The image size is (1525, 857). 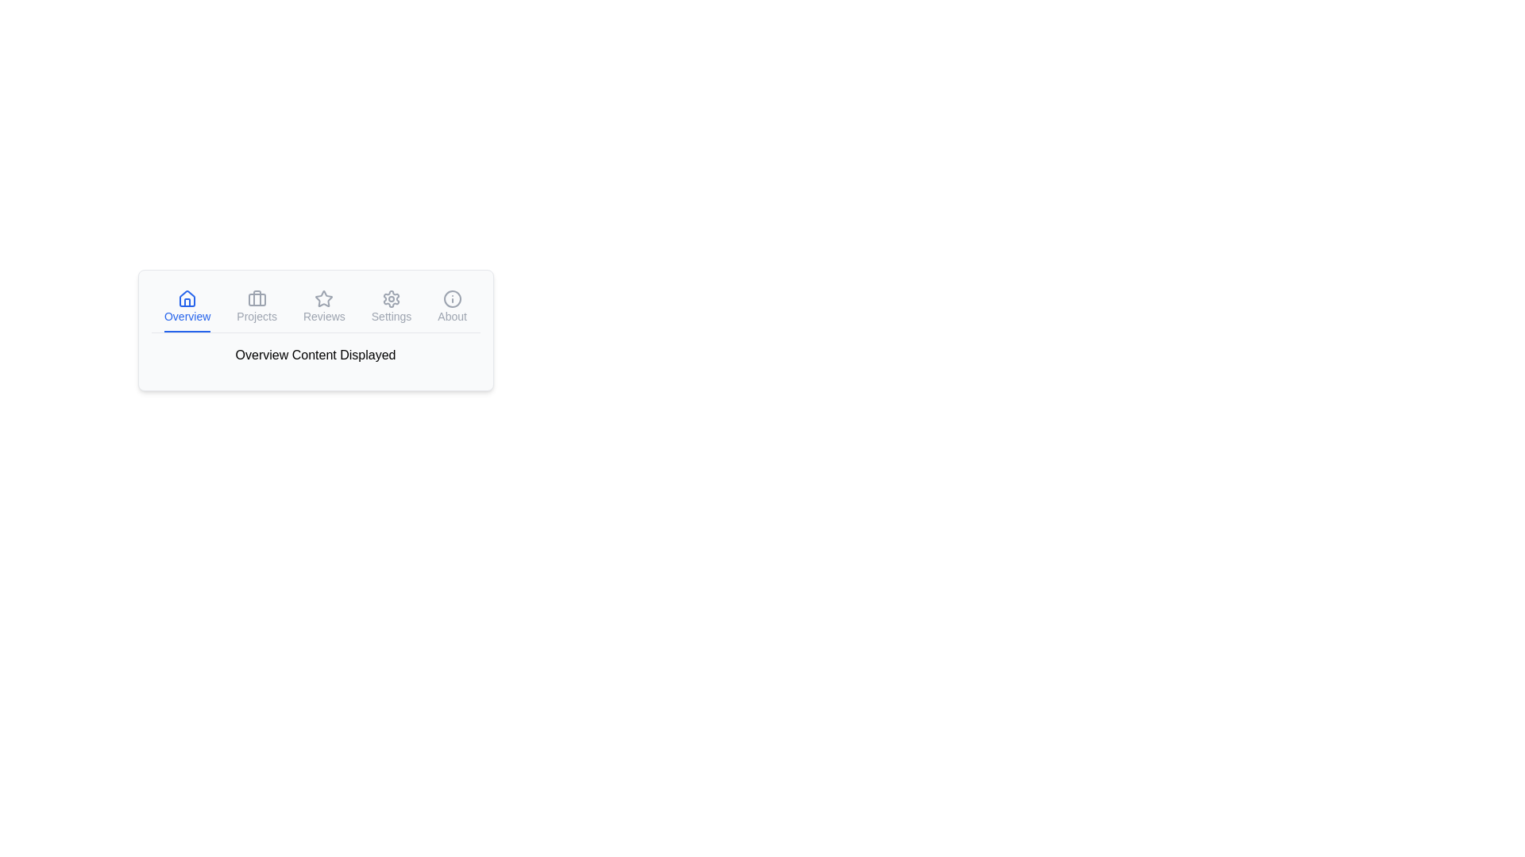 What do you see at coordinates (451, 308) in the screenshot?
I see `the 'About' tab to display its content` at bounding box center [451, 308].